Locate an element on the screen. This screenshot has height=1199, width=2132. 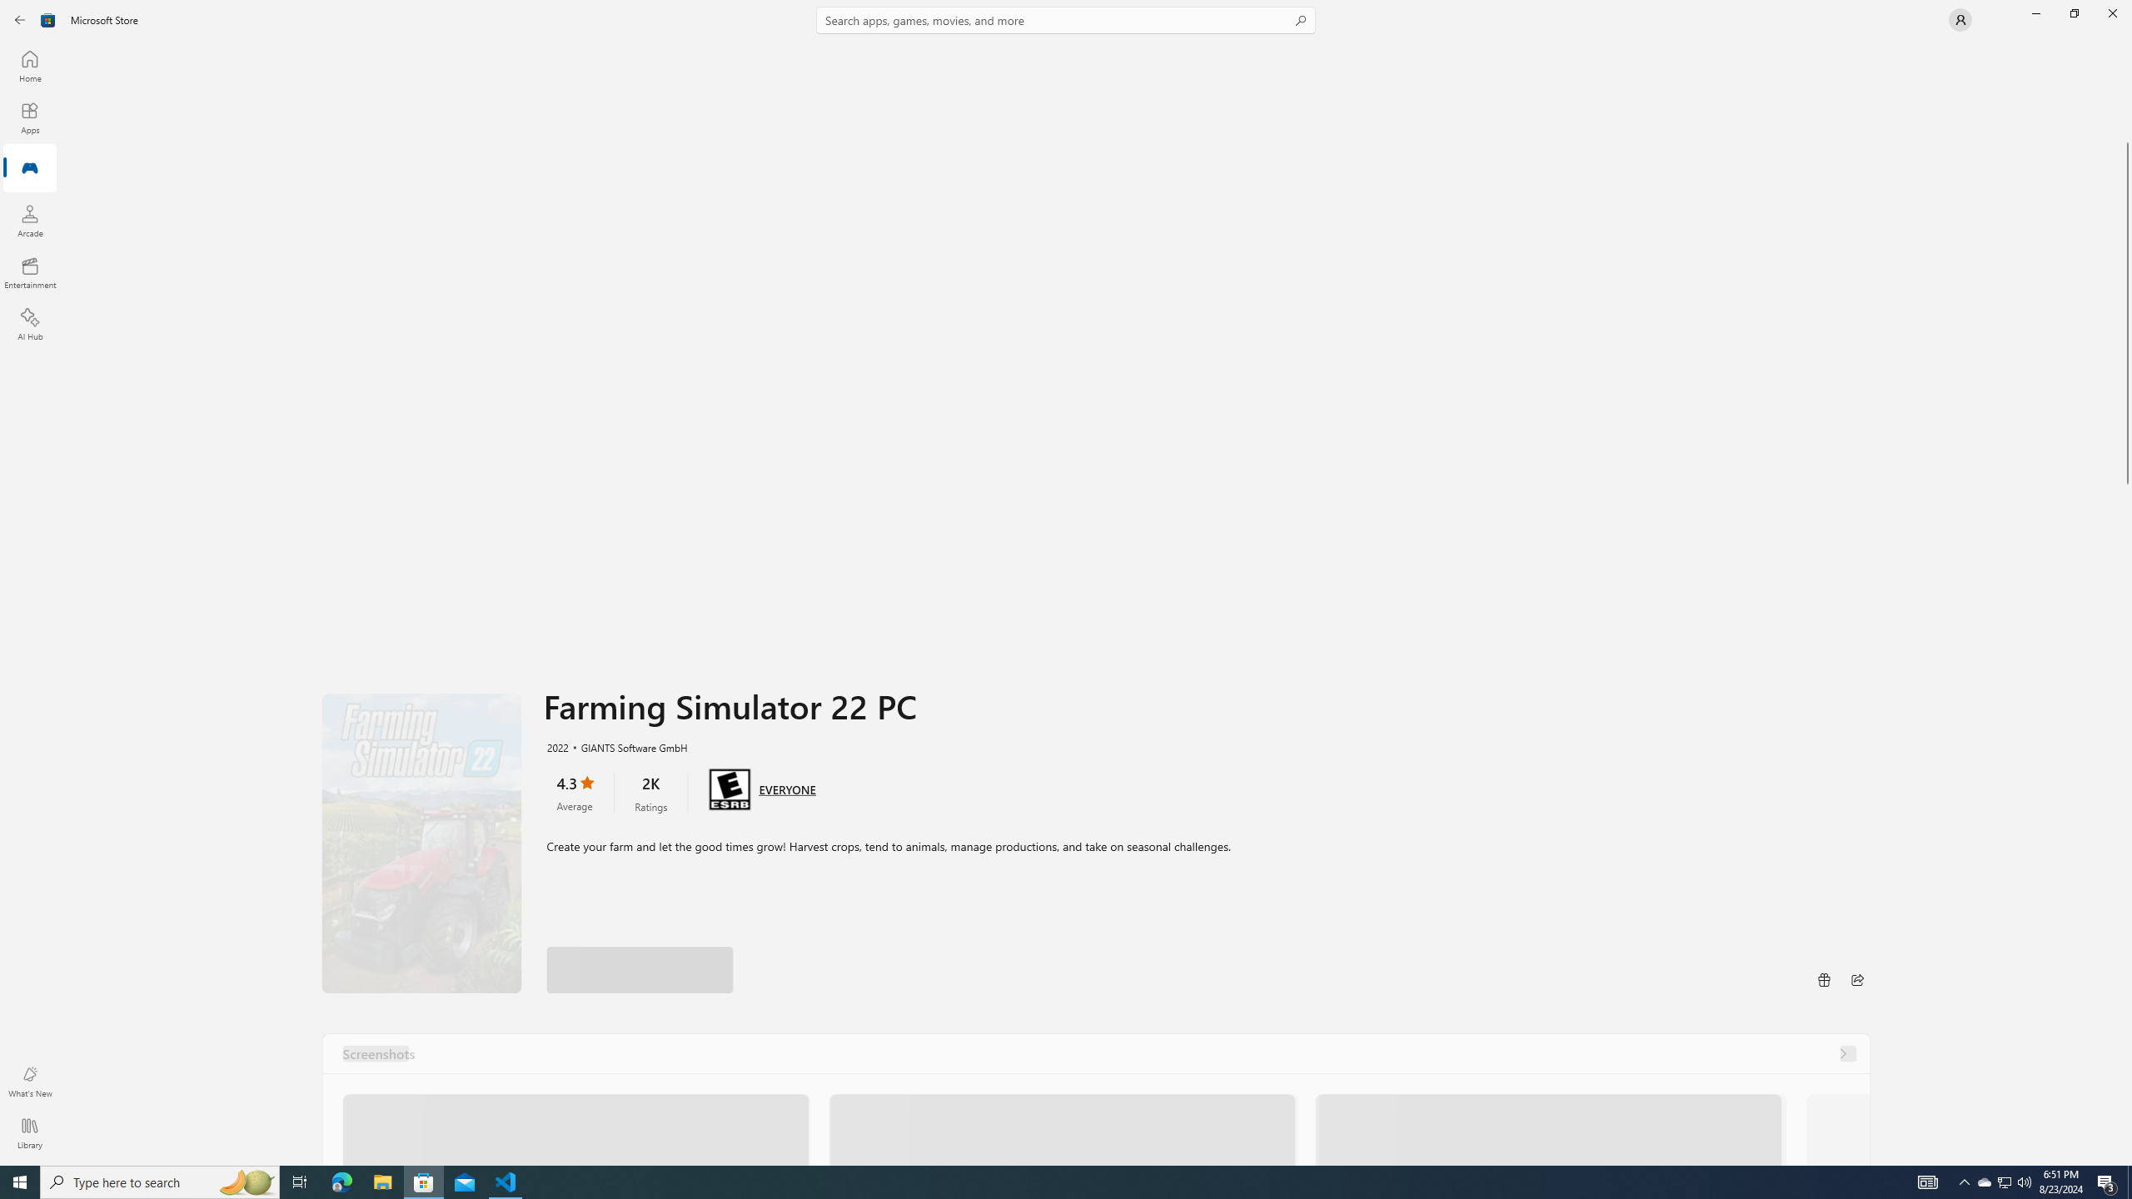
'Share' is located at coordinates (1856, 978).